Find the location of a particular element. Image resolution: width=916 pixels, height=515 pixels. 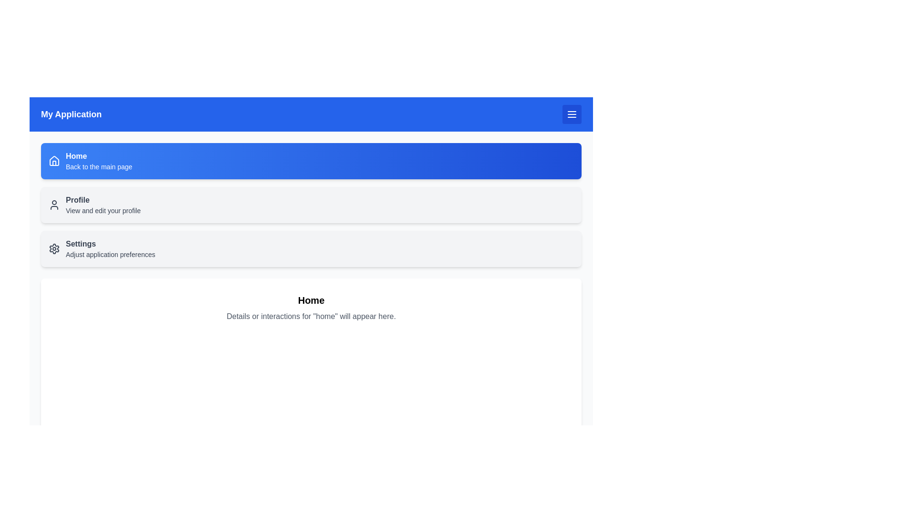

the menu button located at the far right end of the header bar, next to the text 'My Application', which is part of a blue-colored header bar is located at coordinates (572, 113).